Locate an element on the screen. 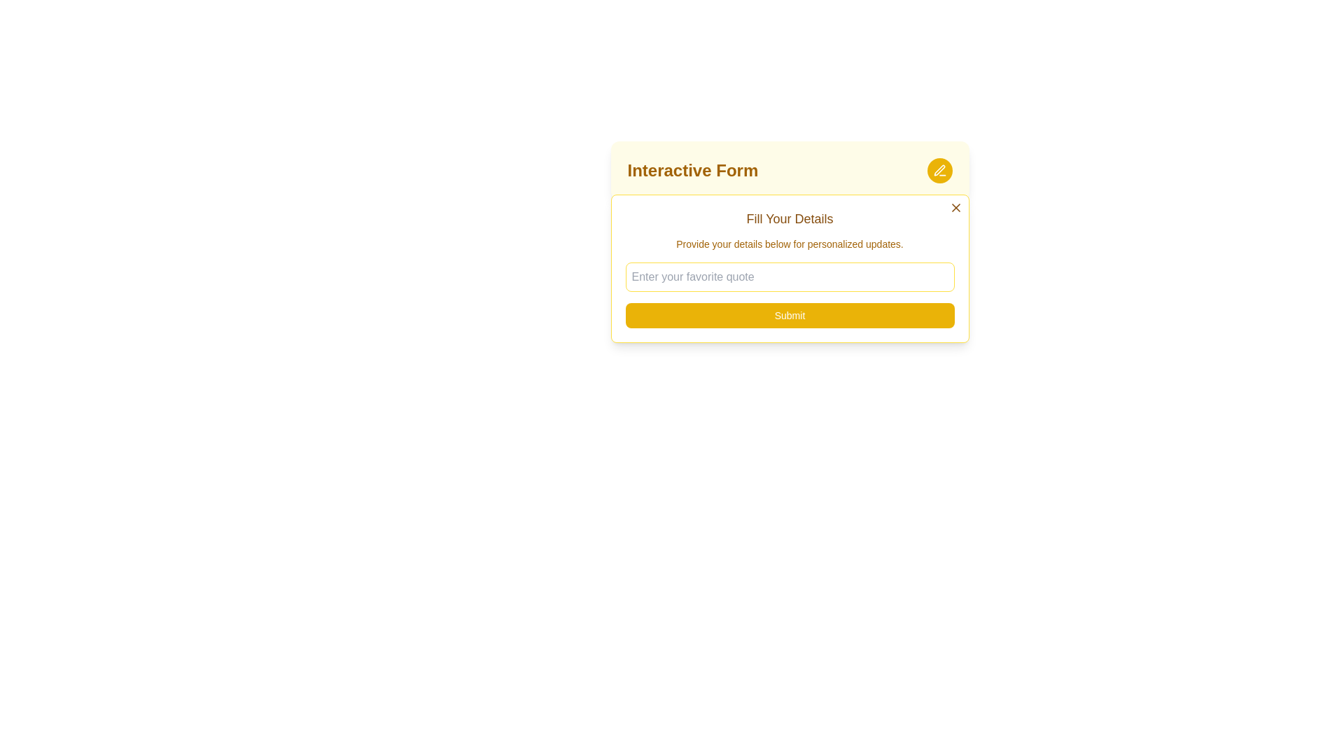  the close button located at the top-right corner of the 'Fill Your Details' form is located at coordinates (955, 208).